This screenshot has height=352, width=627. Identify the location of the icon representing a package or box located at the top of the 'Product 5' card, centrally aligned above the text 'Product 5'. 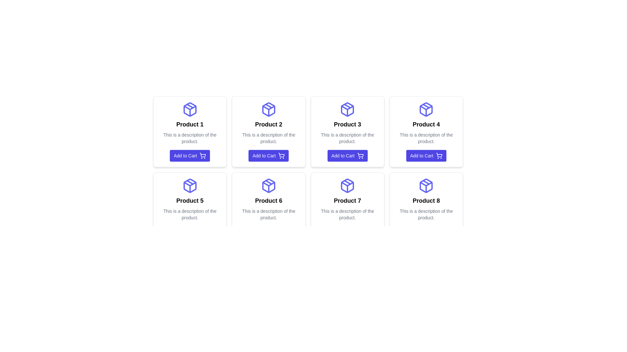
(189, 186).